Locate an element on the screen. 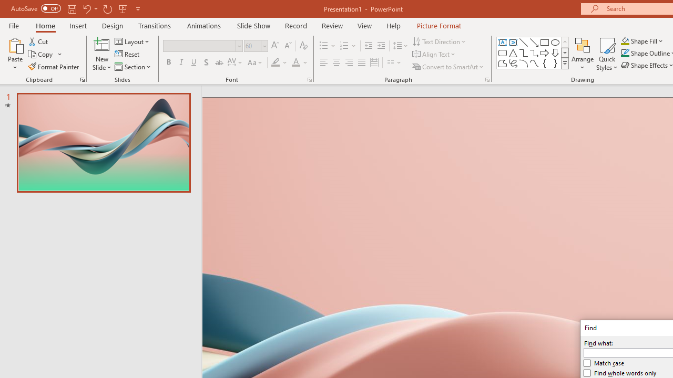 Image resolution: width=673 pixels, height=378 pixels. 'Italic' is located at coordinates (181, 62).